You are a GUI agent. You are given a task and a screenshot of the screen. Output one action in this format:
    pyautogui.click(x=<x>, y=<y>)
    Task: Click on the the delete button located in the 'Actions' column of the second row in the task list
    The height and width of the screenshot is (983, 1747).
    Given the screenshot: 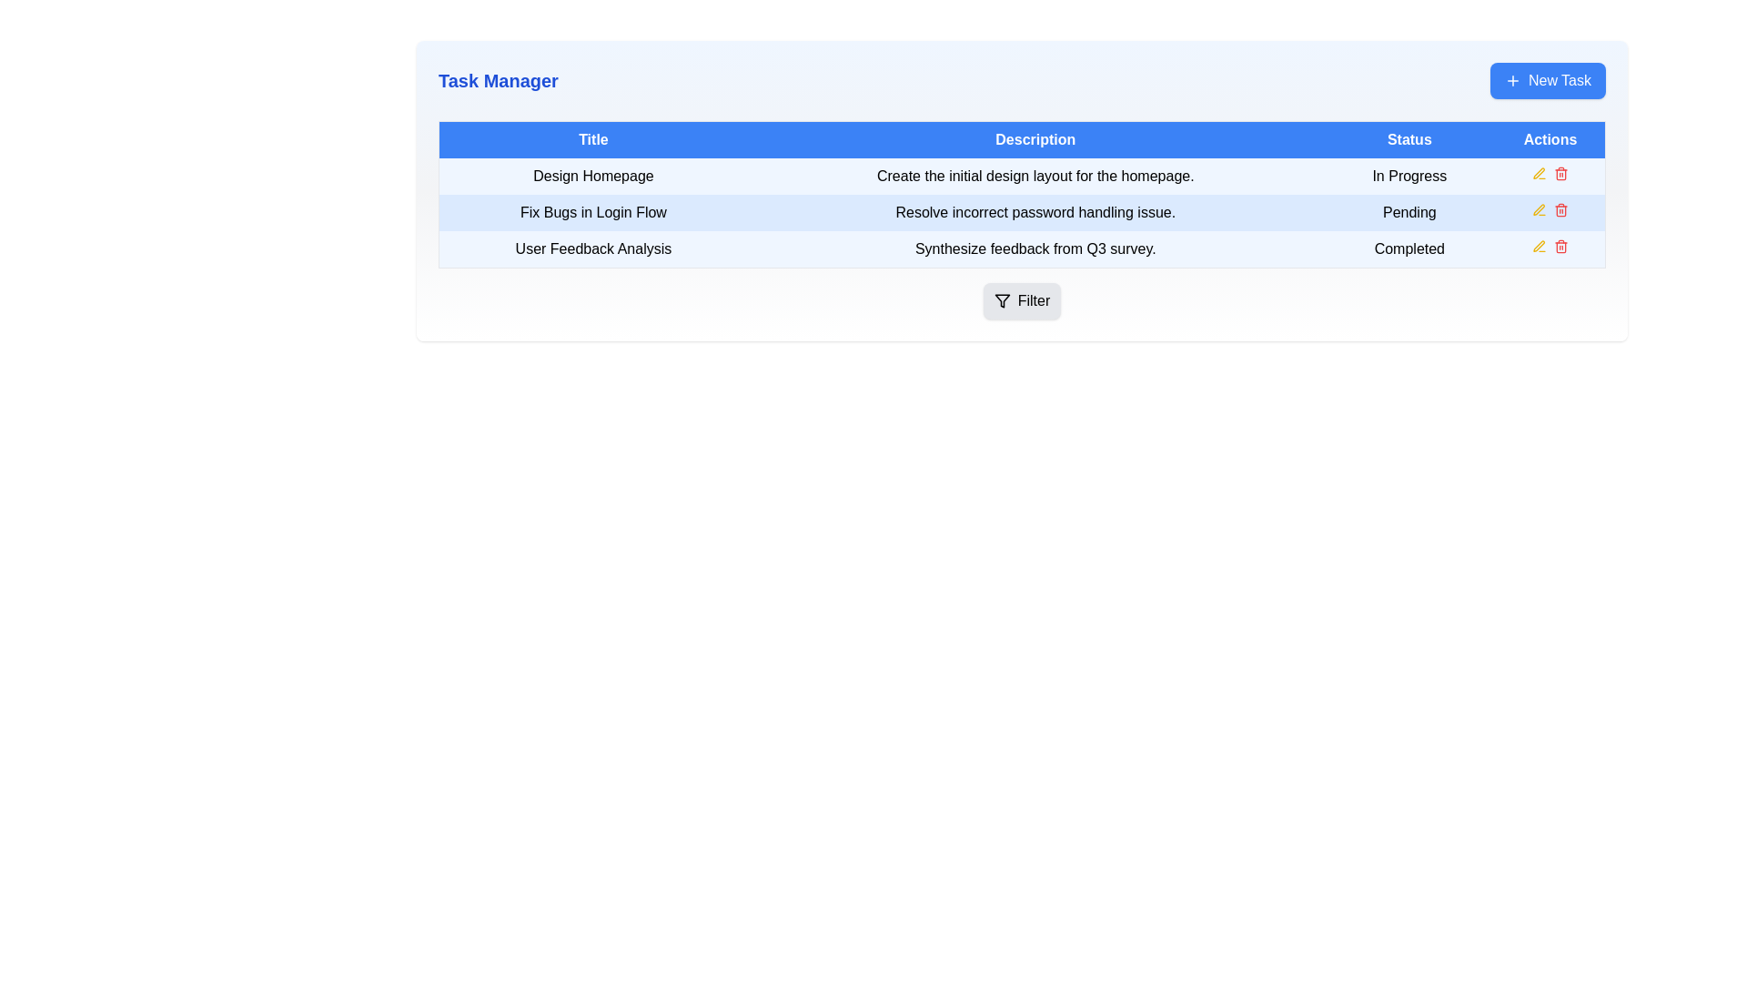 What is the action you would take?
    pyautogui.click(x=1560, y=209)
    